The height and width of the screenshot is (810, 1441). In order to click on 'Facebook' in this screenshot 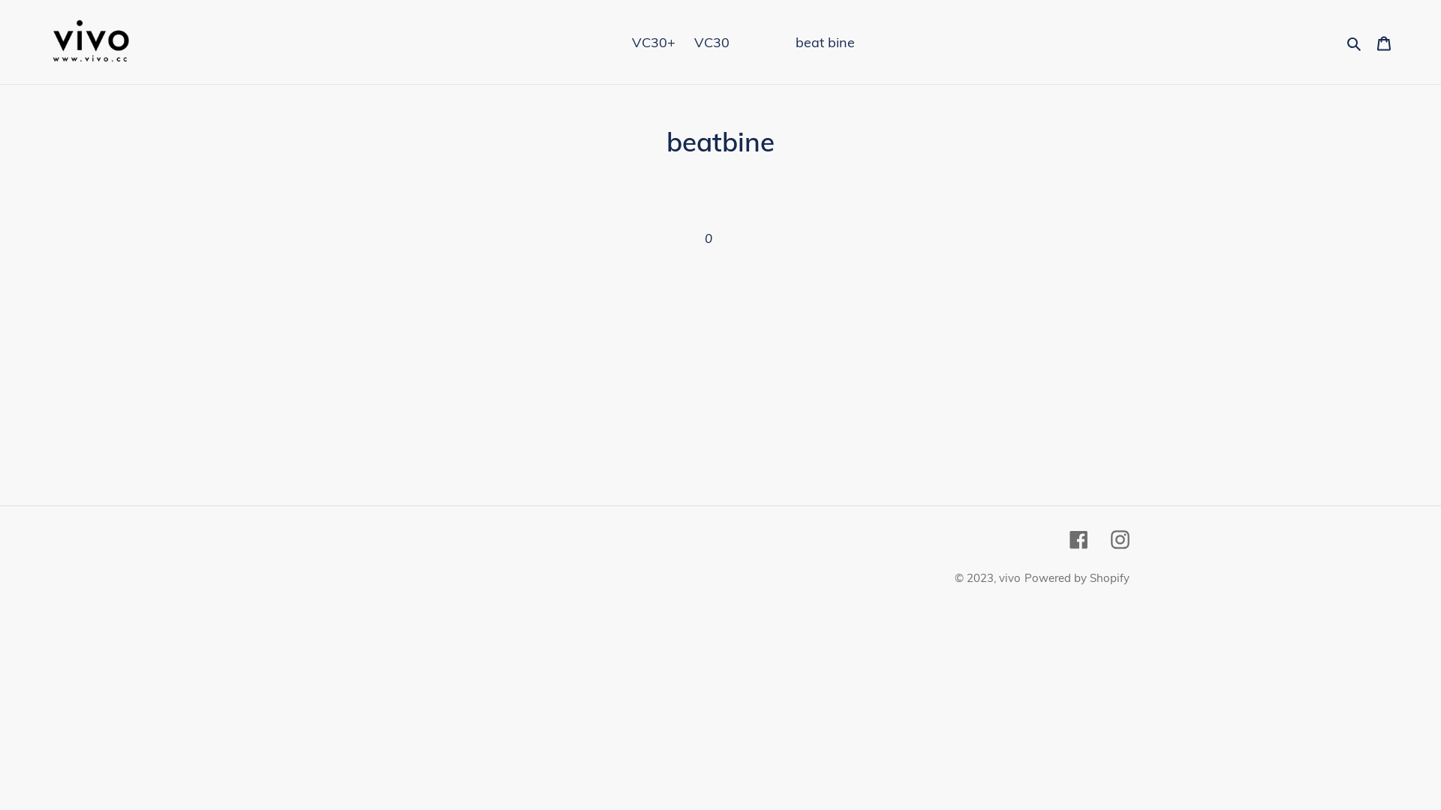, I will do `click(1069, 537)`.